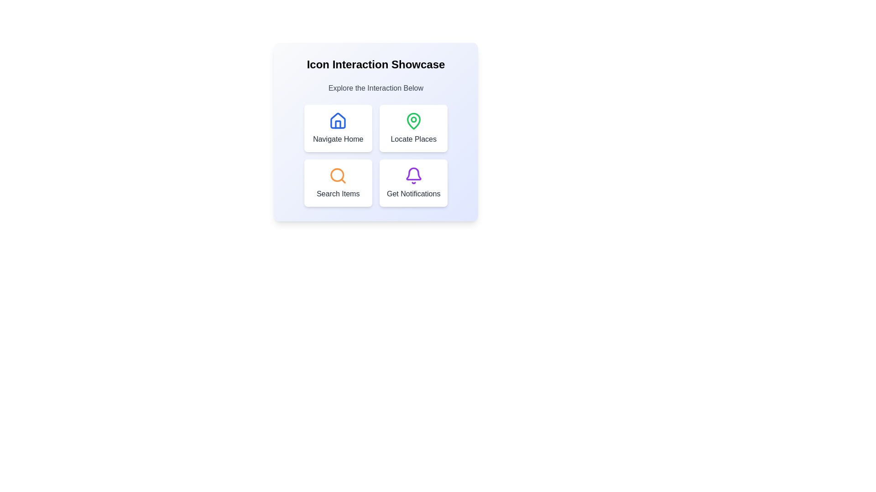  Describe the element at coordinates (413, 119) in the screenshot. I see `the Circle SVG component that is part of the 'Locate Places' button, located in the upper right portion of the grid of four icons` at that location.